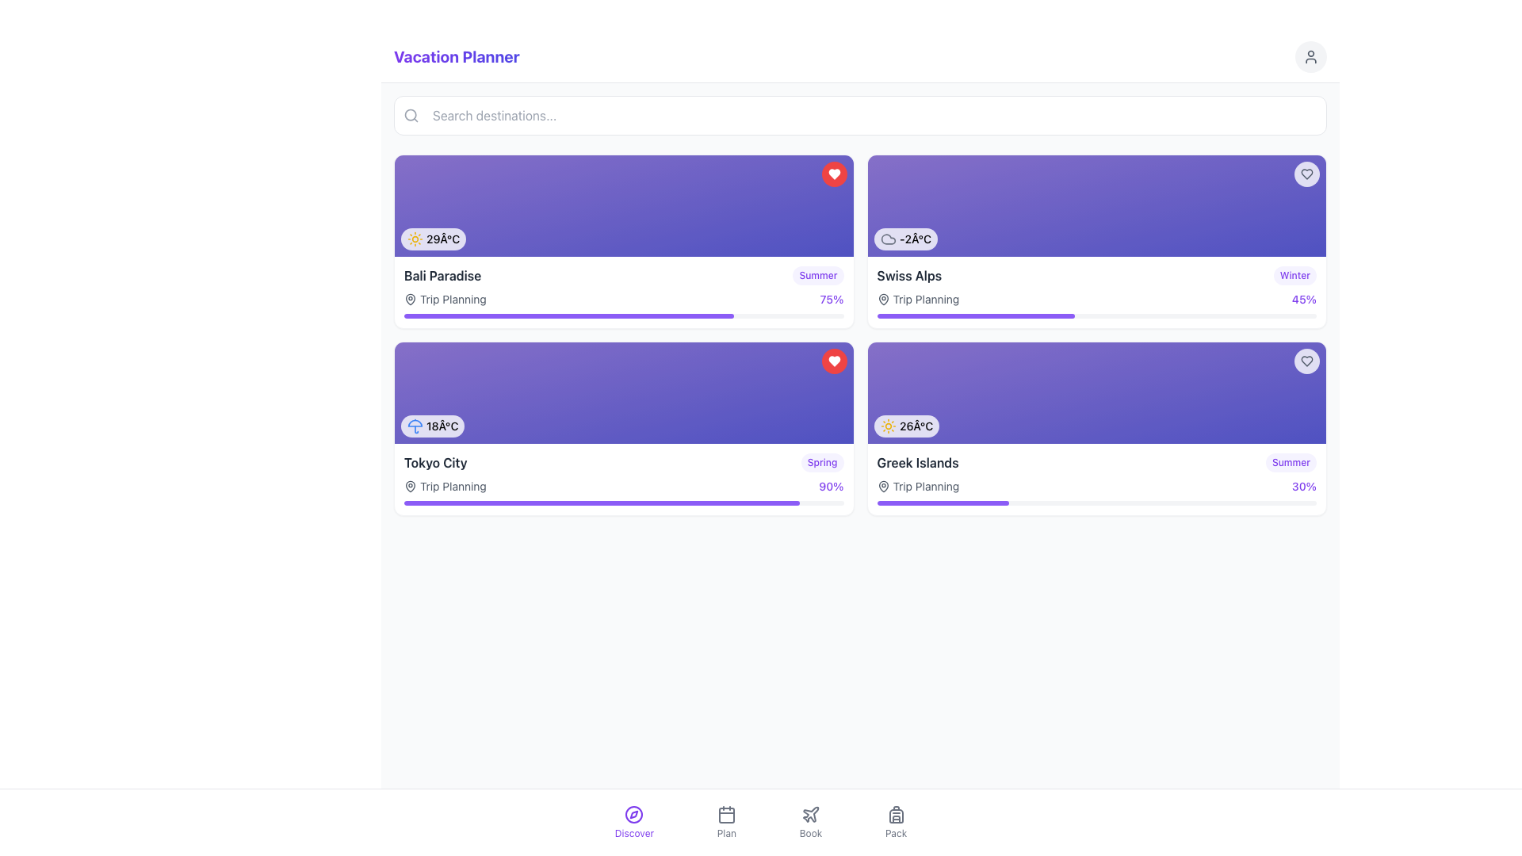 This screenshot has height=856, width=1522. Describe the element at coordinates (906, 425) in the screenshot. I see `the displayed temperature '26°C' and the sun icon in the bottom-left corner of the 'Greek Islands' card` at that location.